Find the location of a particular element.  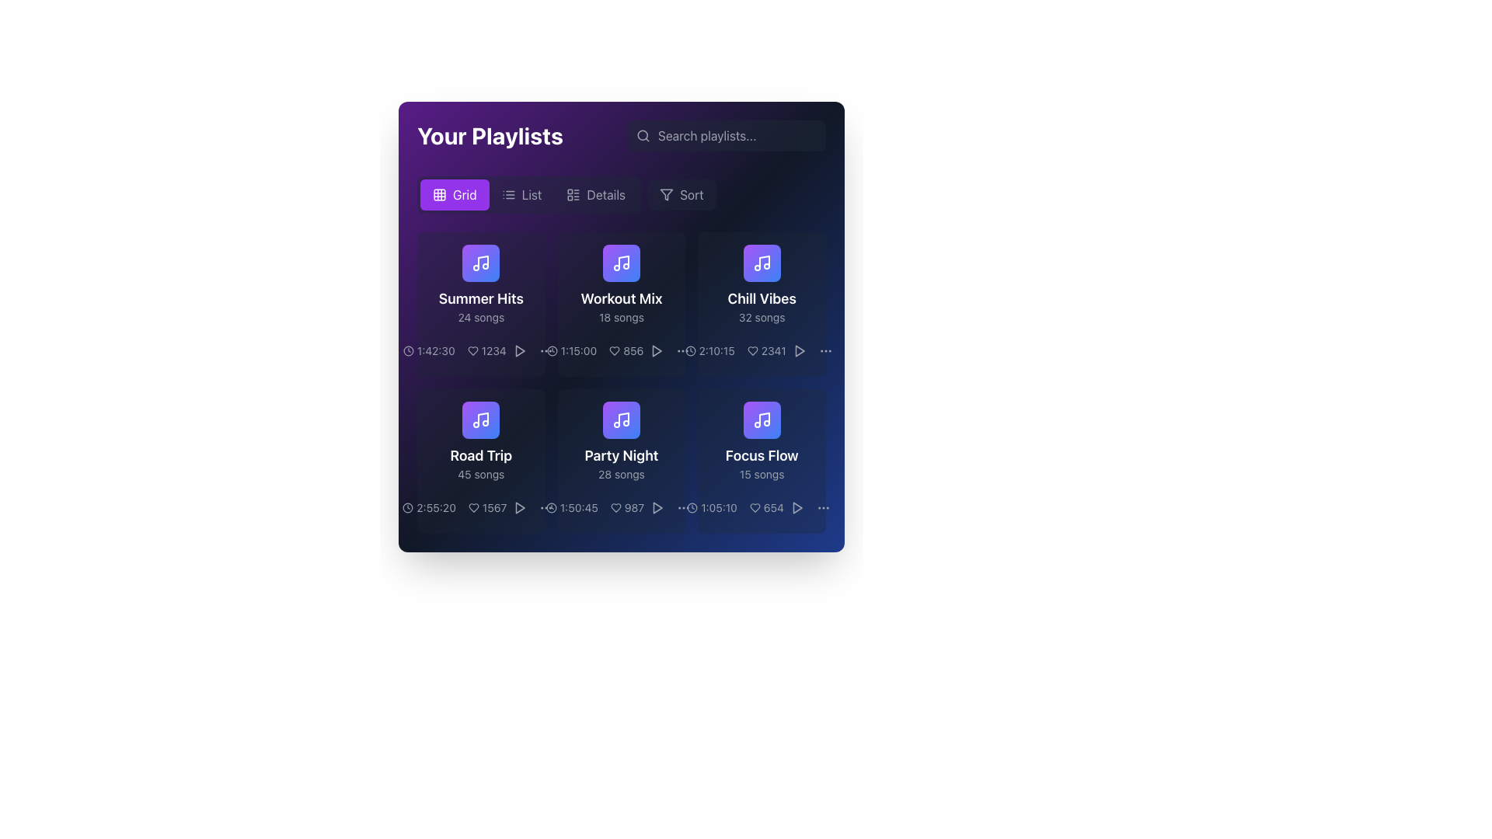

the text block titled 'Focus Flow' that displays '15 songs' in the bottom-right section of the playlist grid is located at coordinates (762, 463).